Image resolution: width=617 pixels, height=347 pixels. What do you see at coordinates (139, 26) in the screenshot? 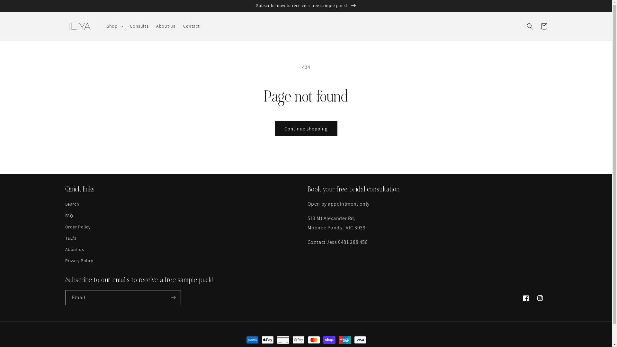
I see `'Consults'` at bounding box center [139, 26].